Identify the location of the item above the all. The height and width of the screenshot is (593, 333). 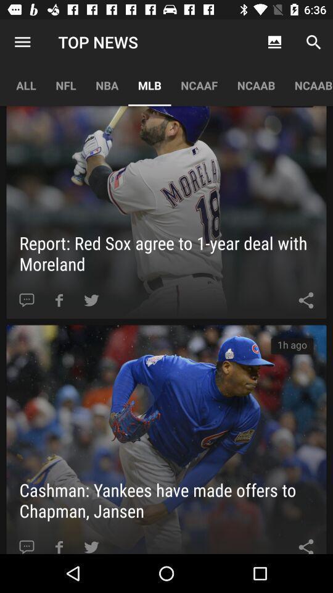
(22, 42).